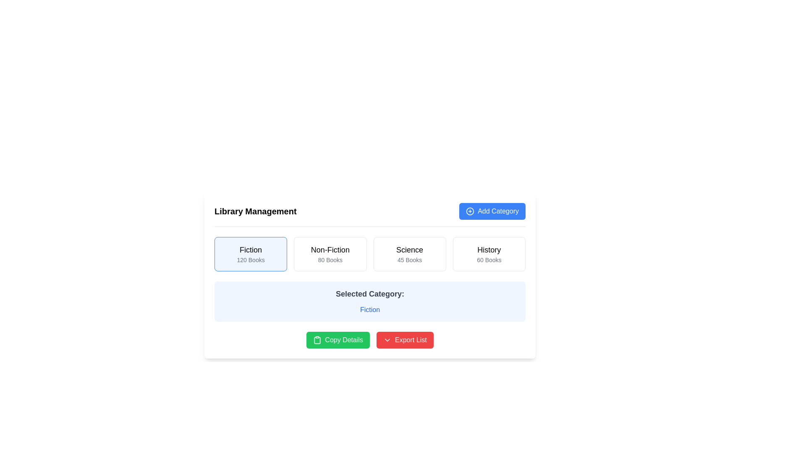 The width and height of the screenshot is (806, 453). I want to click on the '60 Books' text label located beneath the 'History' title within the fourth category card, which provides information about the number of books available in the 'History' category, so click(489, 260).